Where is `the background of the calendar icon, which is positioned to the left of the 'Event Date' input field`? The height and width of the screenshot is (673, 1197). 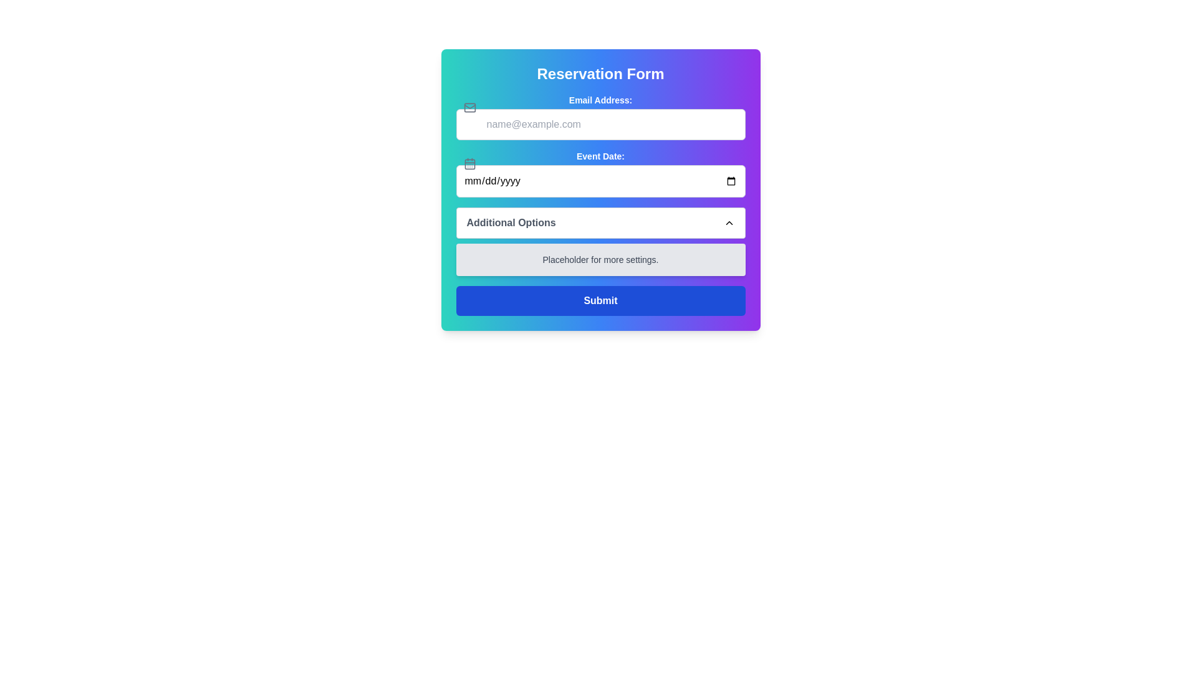 the background of the calendar icon, which is positioned to the left of the 'Event Date' input field is located at coordinates (469, 163).